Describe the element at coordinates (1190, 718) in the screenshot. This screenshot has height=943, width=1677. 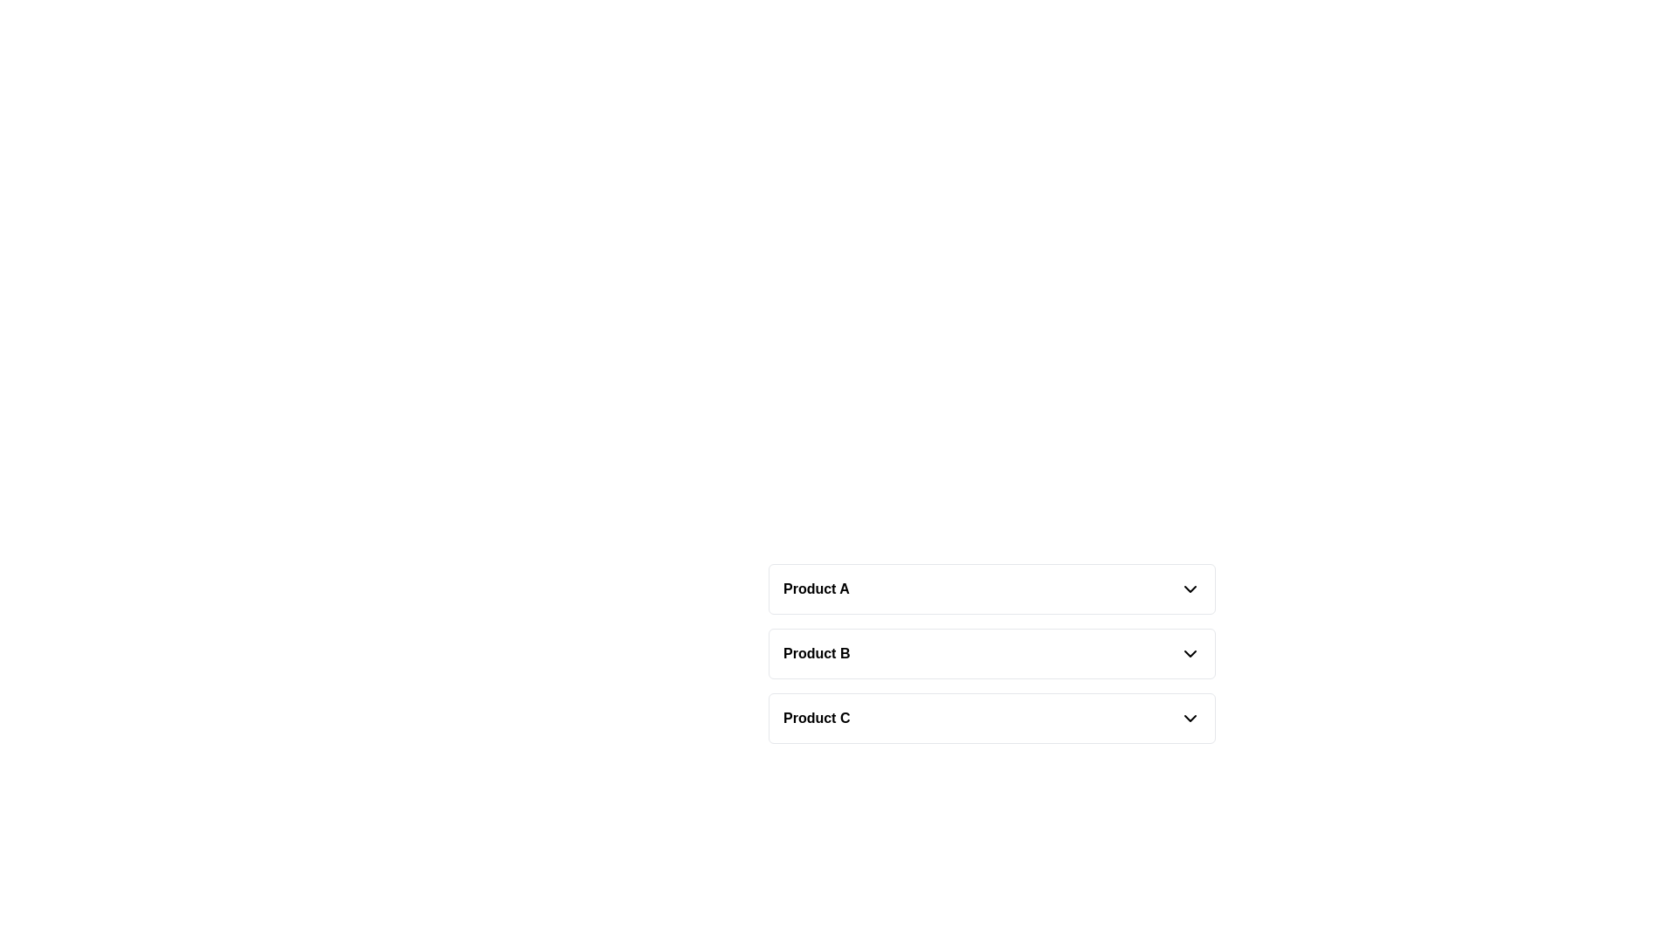
I see `the expand/collapse icon for 'Product C' located at the far right of the horizontal layout group` at that location.